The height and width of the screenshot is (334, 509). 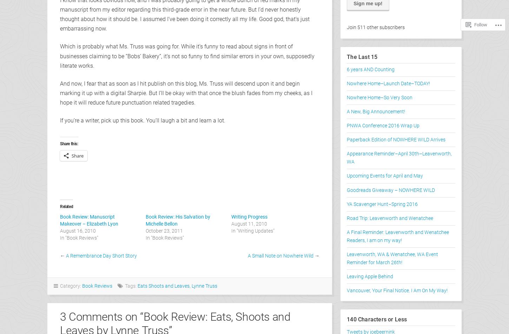 What do you see at coordinates (347, 176) in the screenshot?
I see `'Upcoming Events for April and May'` at bounding box center [347, 176].